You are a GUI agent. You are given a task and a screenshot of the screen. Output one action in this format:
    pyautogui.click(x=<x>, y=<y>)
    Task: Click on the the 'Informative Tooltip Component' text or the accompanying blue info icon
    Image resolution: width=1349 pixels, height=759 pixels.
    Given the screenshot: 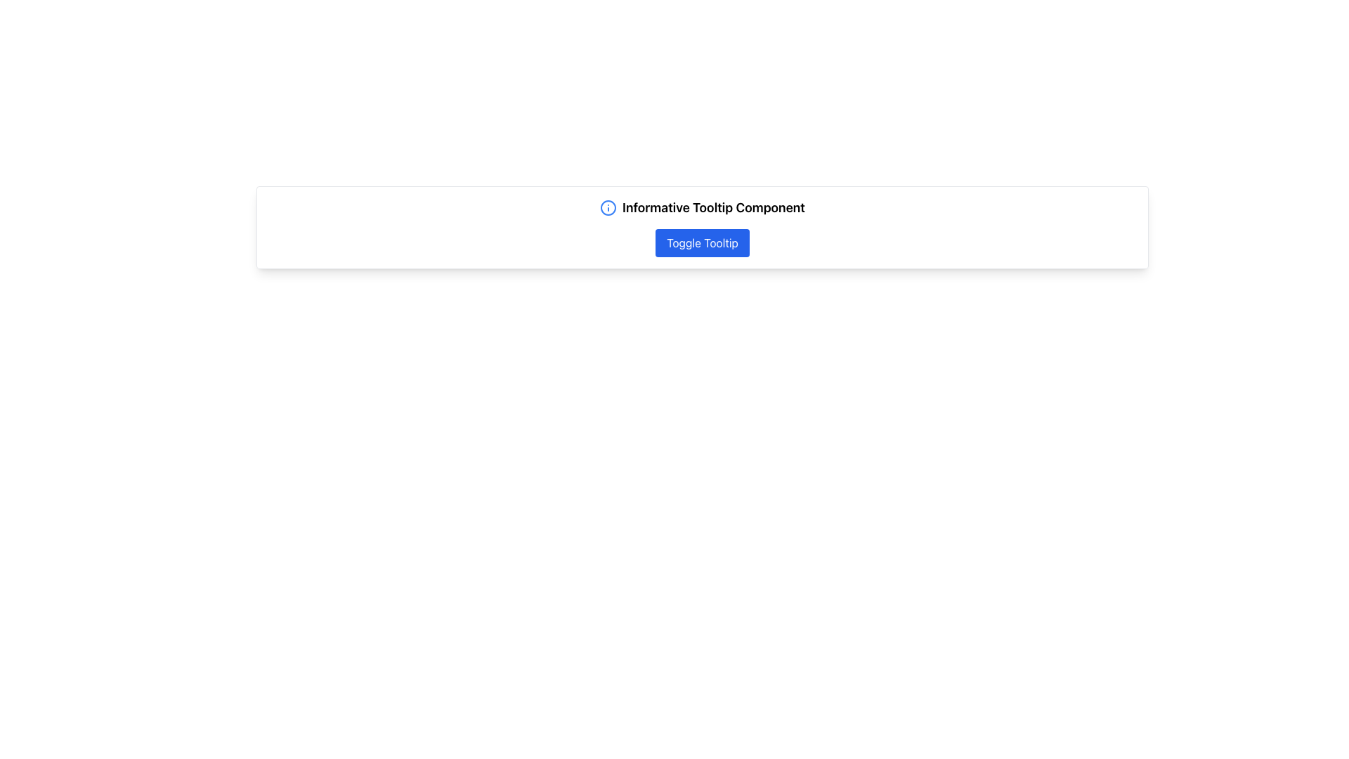 What is the action you would take?
    pyautogui.click(x=702, y=208)
    